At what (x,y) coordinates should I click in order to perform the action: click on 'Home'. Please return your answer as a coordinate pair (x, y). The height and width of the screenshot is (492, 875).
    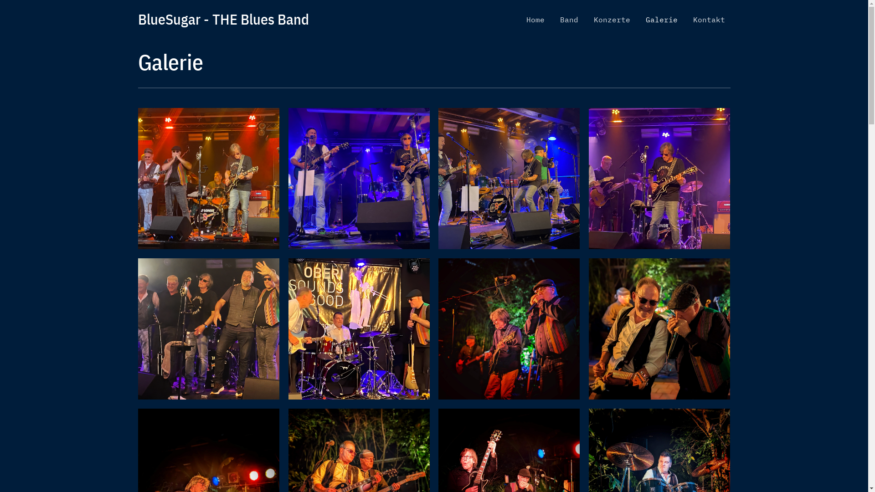
    Looking at the image, I should click on (535, 19).